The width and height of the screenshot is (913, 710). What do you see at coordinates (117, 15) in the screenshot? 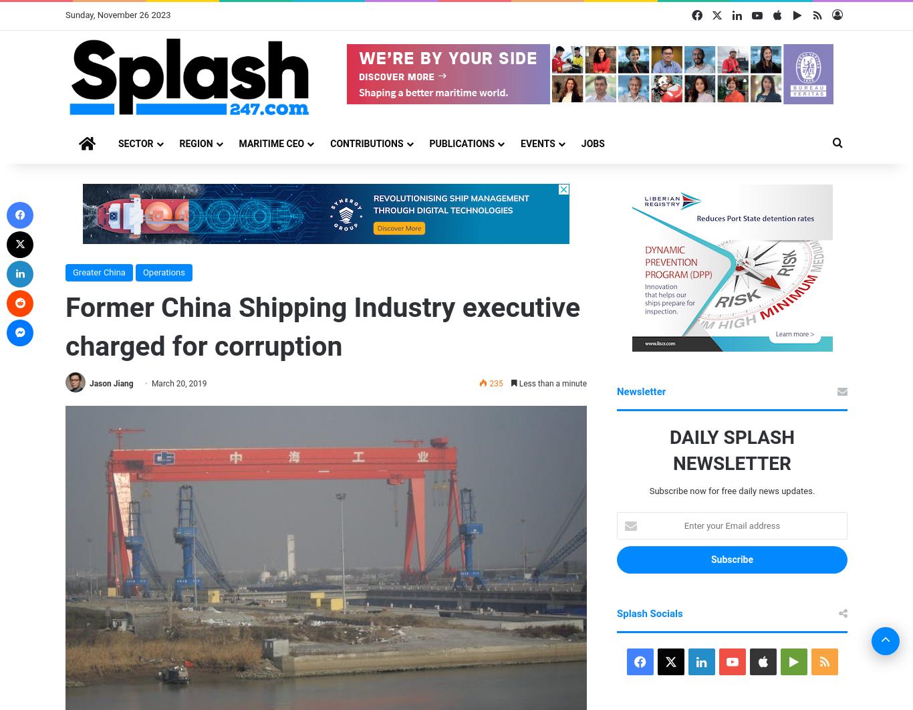
I see `'Sunday, November 26 2023'` at bounding box center [117, 15].